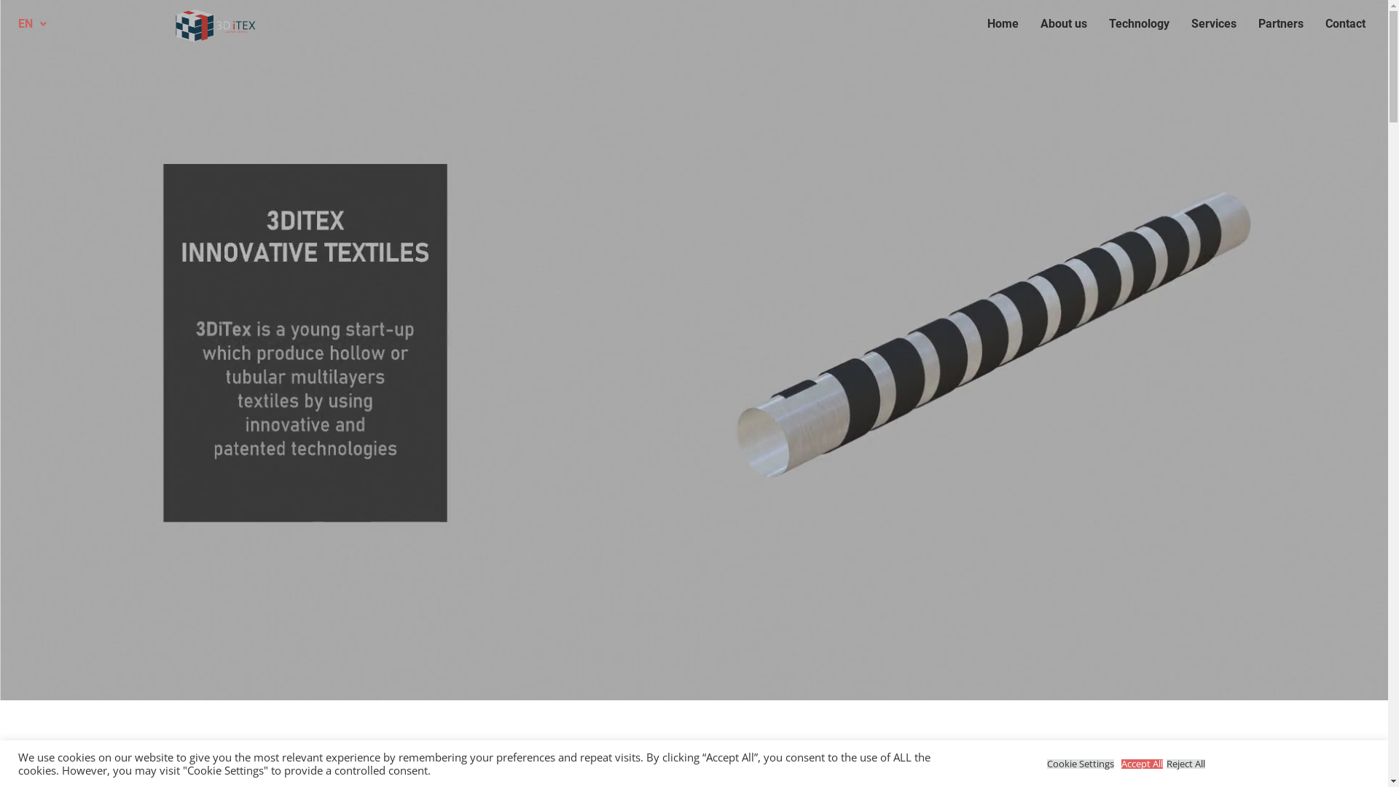 This screenshot has height=787, width=1399. What do you see at coordinates (1280, 24) in the screenshot?
I see `'Partners'` at bounding box center [1280, 24].